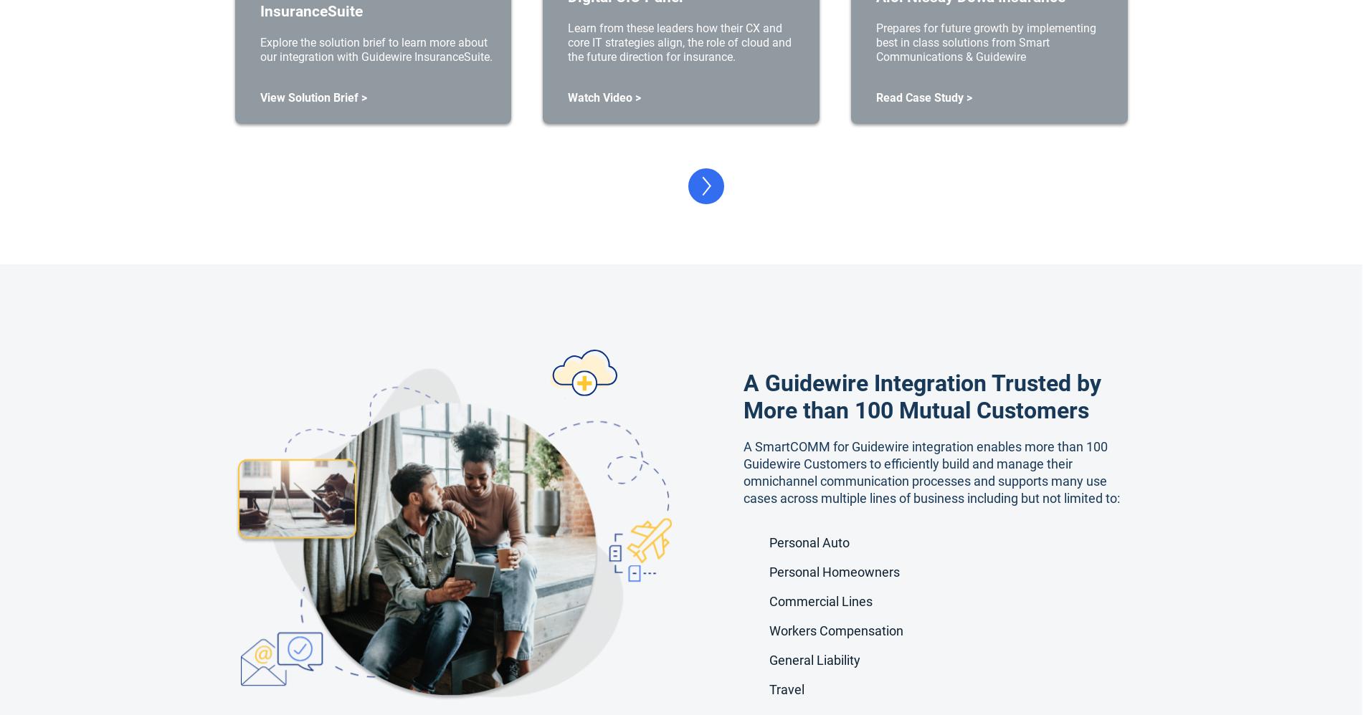  I want to click on 'Commercial Lines', so click(820, 601).